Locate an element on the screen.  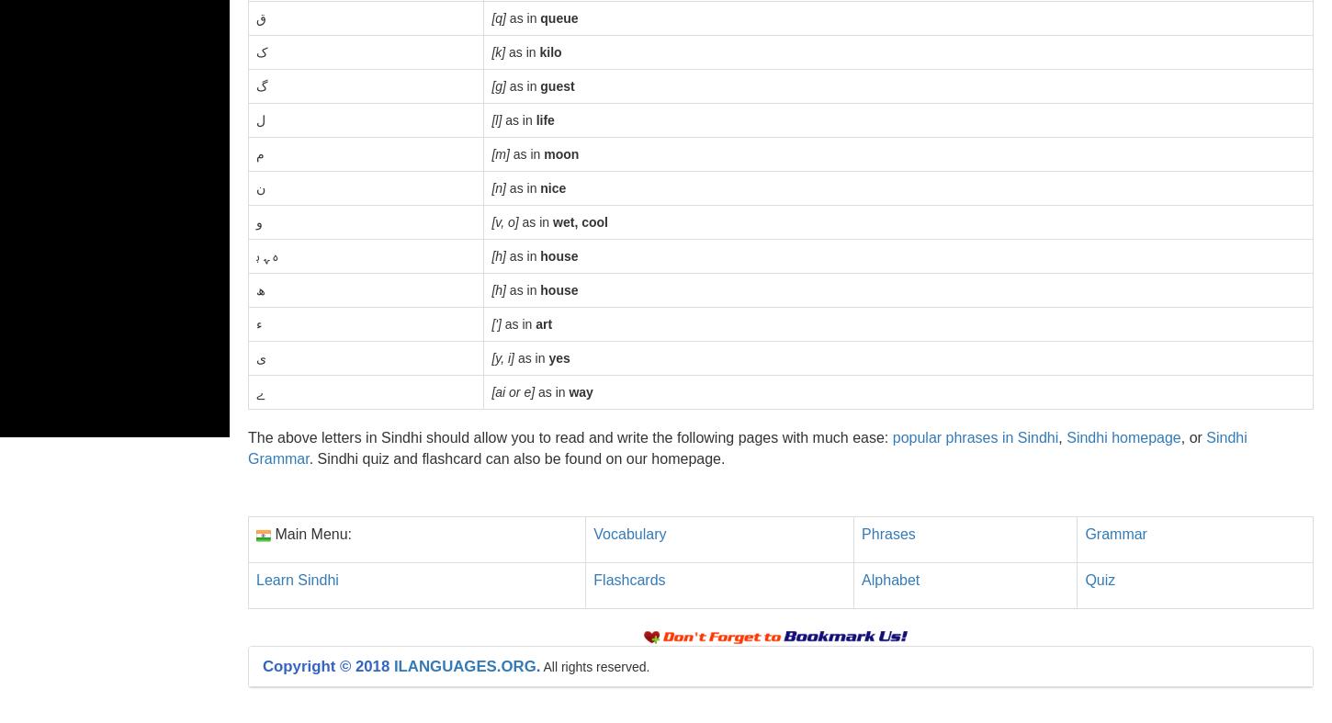
'[g]' is located at coordinates (498, 85).